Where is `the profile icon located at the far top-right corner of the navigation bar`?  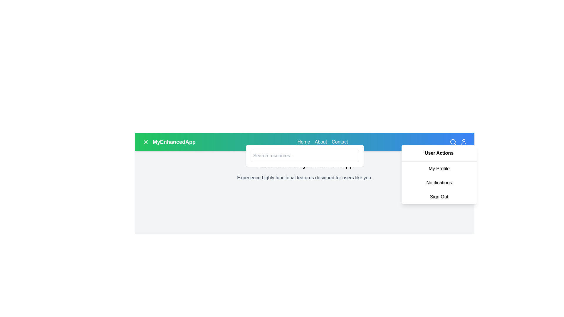
the profile icon located at the far top-right corner of the navigation bar is located at coordinates (458, 142).